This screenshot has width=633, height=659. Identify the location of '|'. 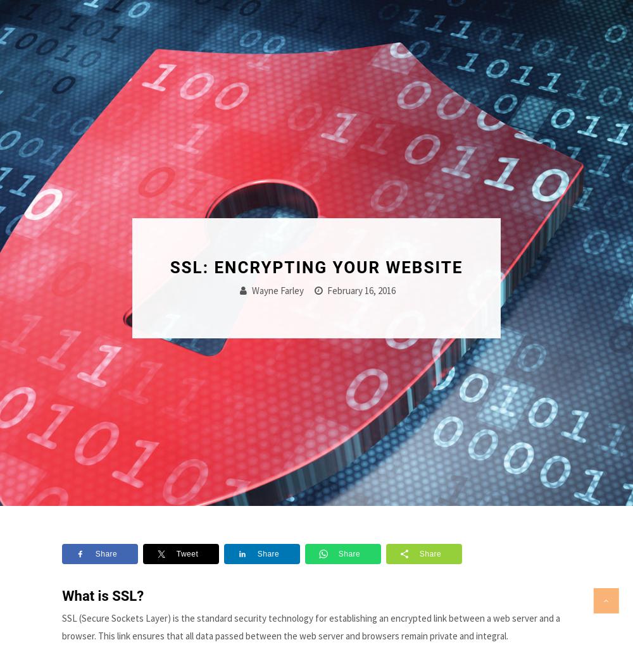
(544, 27).